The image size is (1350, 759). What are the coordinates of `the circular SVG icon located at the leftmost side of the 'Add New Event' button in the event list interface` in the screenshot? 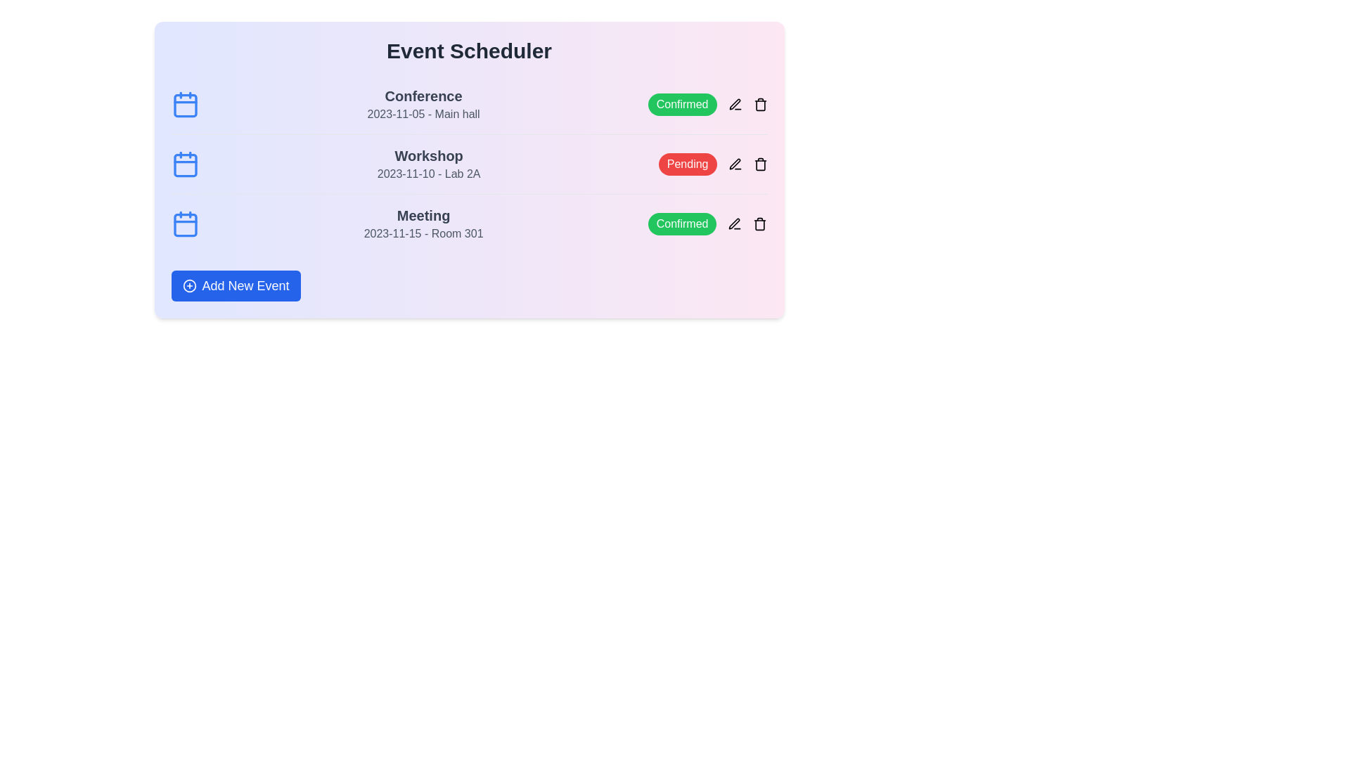 It's located at (188, 285).